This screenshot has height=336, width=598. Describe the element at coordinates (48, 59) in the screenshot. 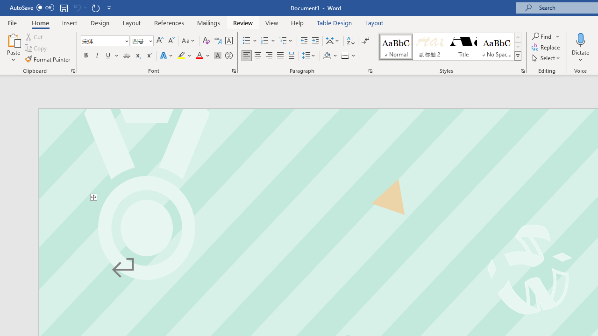

I see `'Format Painter'` at that location.